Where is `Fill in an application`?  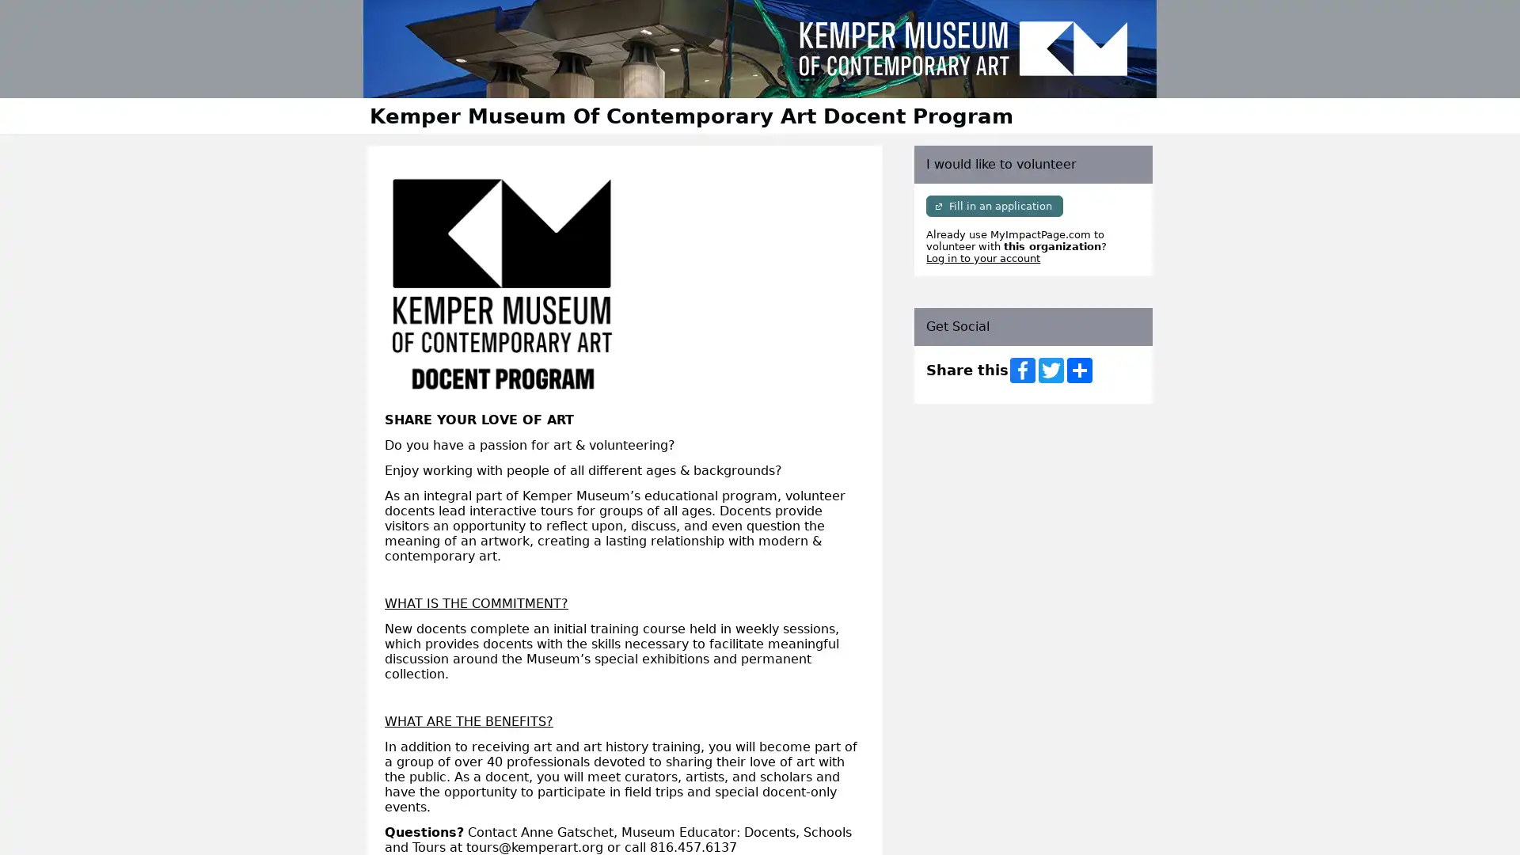
Fill in an application is located at coordinates (994, 205).